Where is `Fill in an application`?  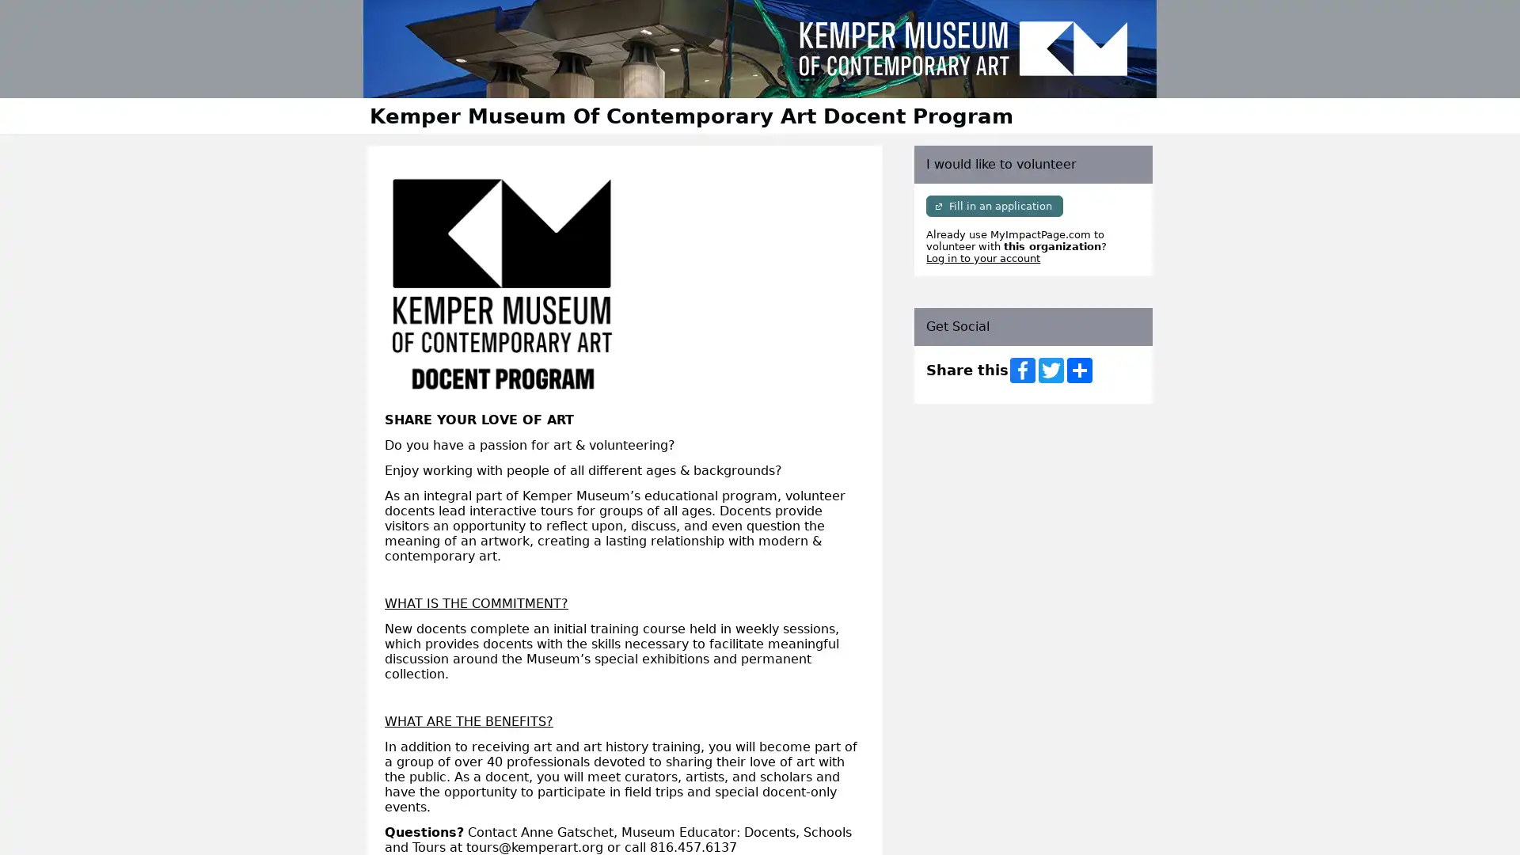
Fill in an application is located at coordinates (994, 205).